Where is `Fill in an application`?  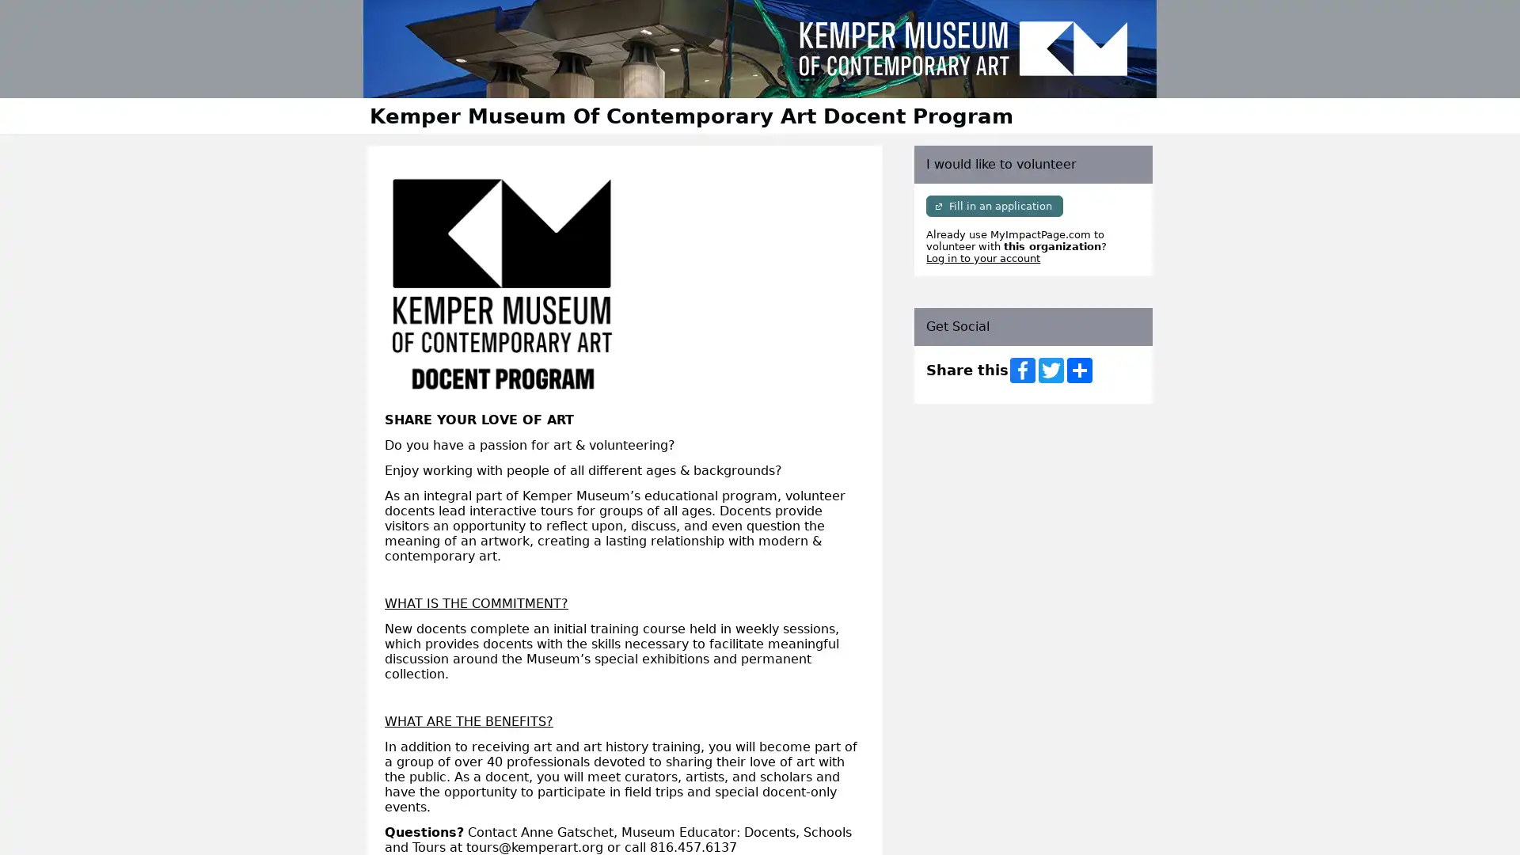
Fill in an application is located at coordinates (994, 205).